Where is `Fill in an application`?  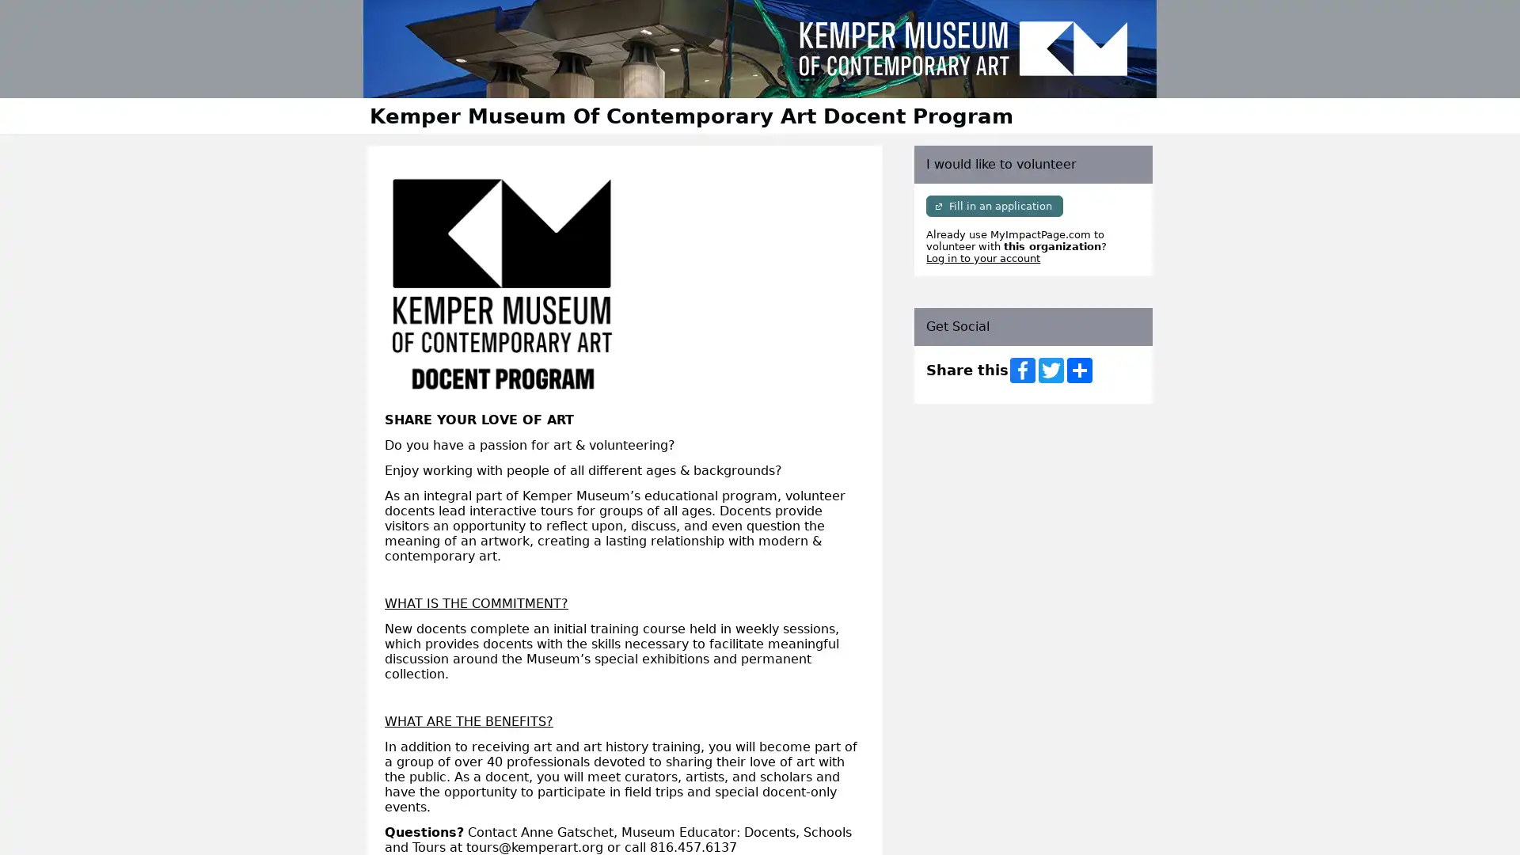
Fill in an application is located at coordinates (994, 205).